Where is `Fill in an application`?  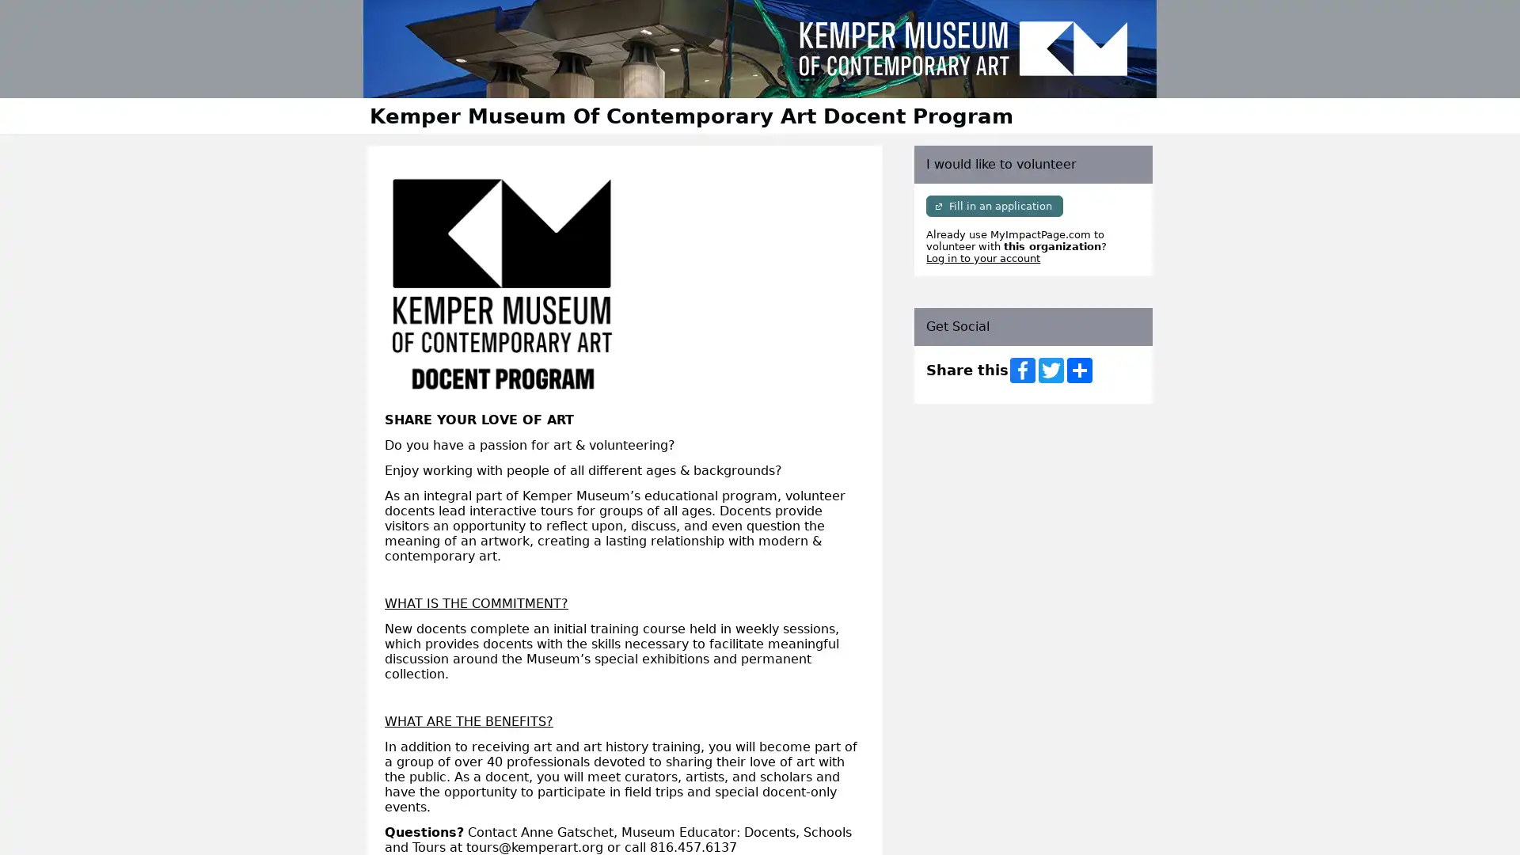
Fill in an application is located at coordinates (994, 205).